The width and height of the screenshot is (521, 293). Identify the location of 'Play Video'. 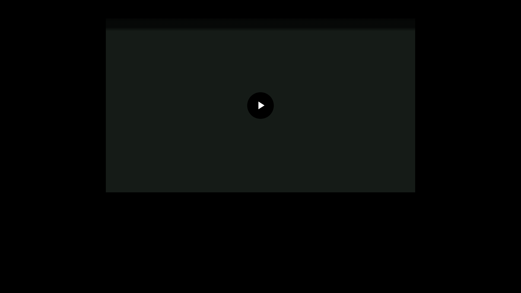
(260, 106).